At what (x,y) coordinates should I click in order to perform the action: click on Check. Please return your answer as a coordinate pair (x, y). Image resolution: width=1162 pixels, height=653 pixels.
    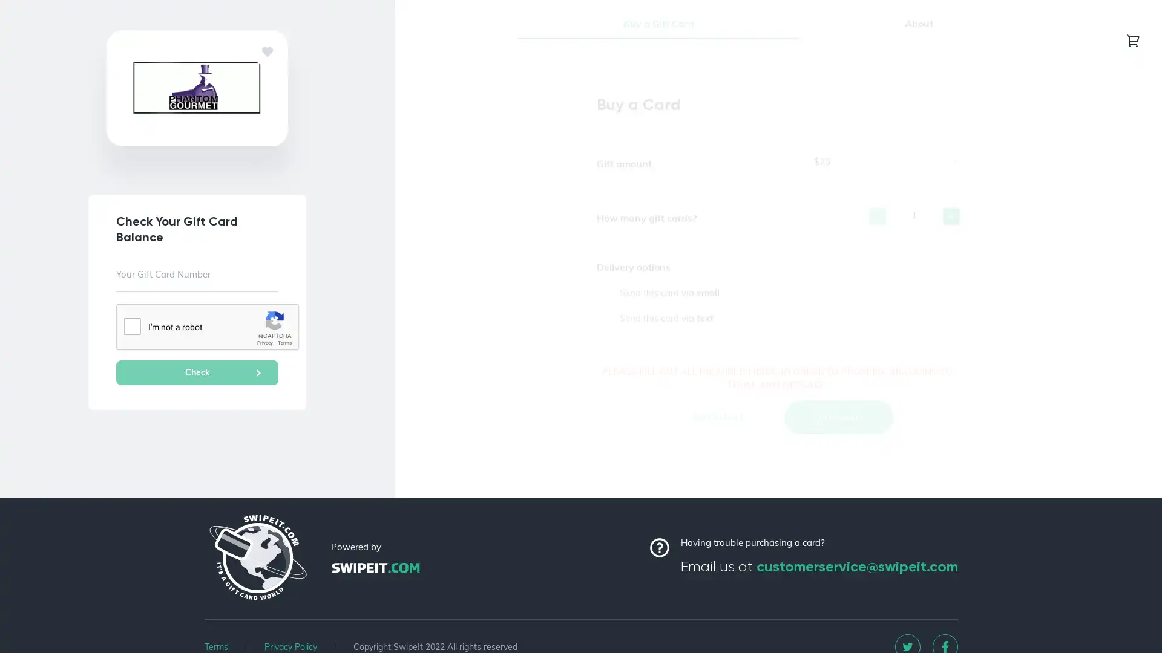
    Looking at the image, I should click on (197, 372).